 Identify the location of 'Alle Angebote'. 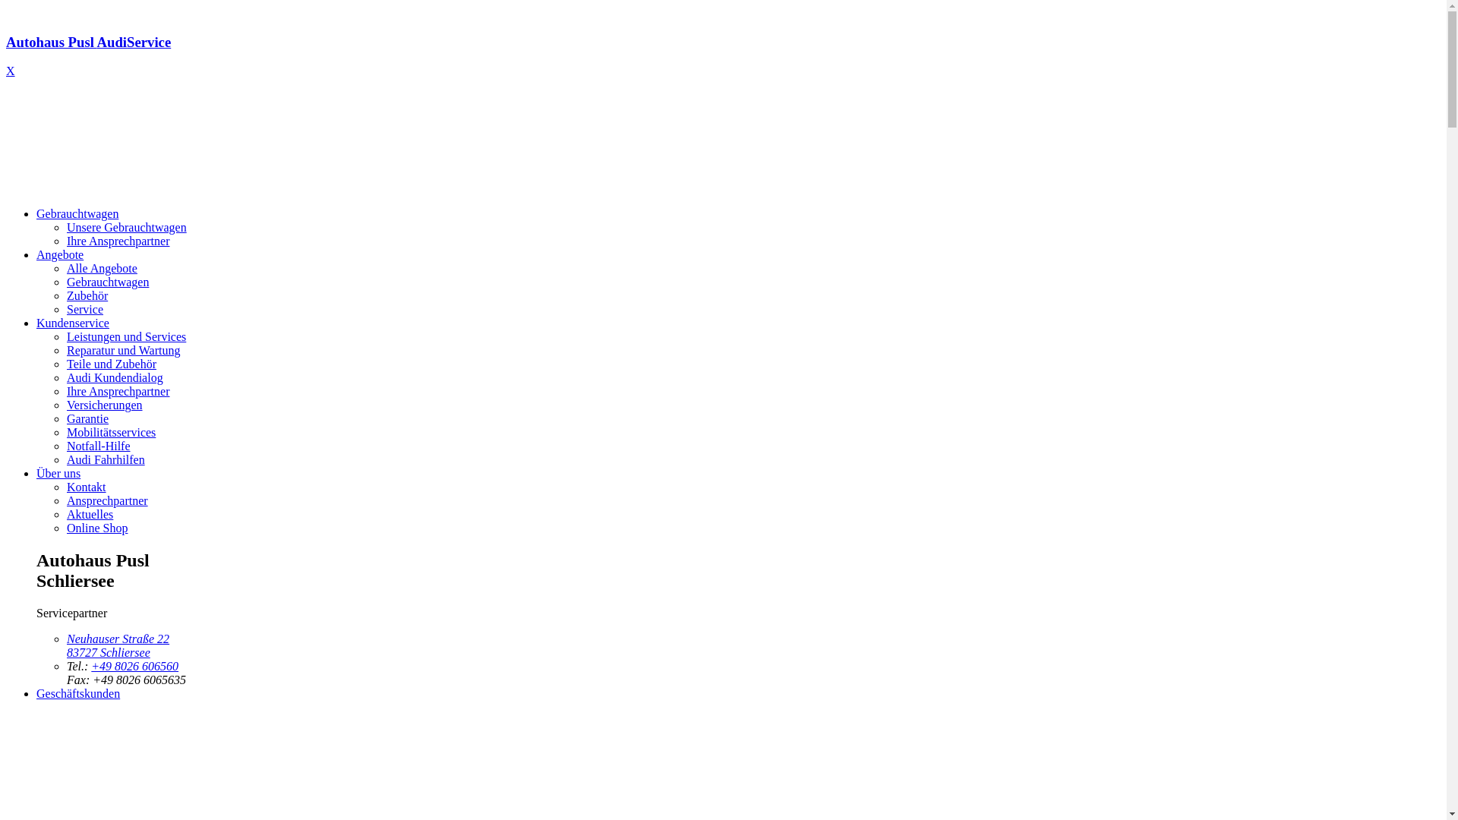
(65, 267).